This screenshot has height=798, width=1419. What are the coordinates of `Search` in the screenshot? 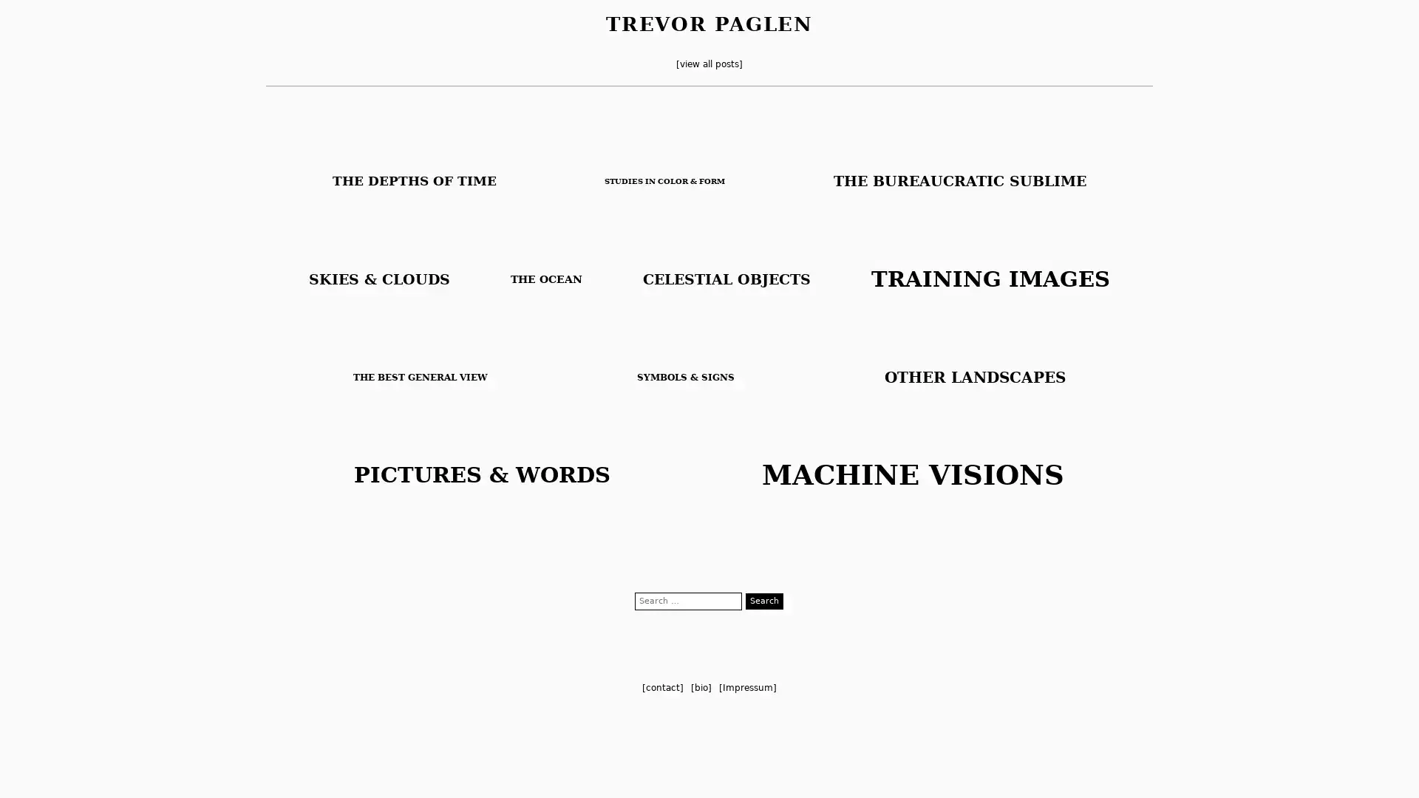 It's located at (764, 601).